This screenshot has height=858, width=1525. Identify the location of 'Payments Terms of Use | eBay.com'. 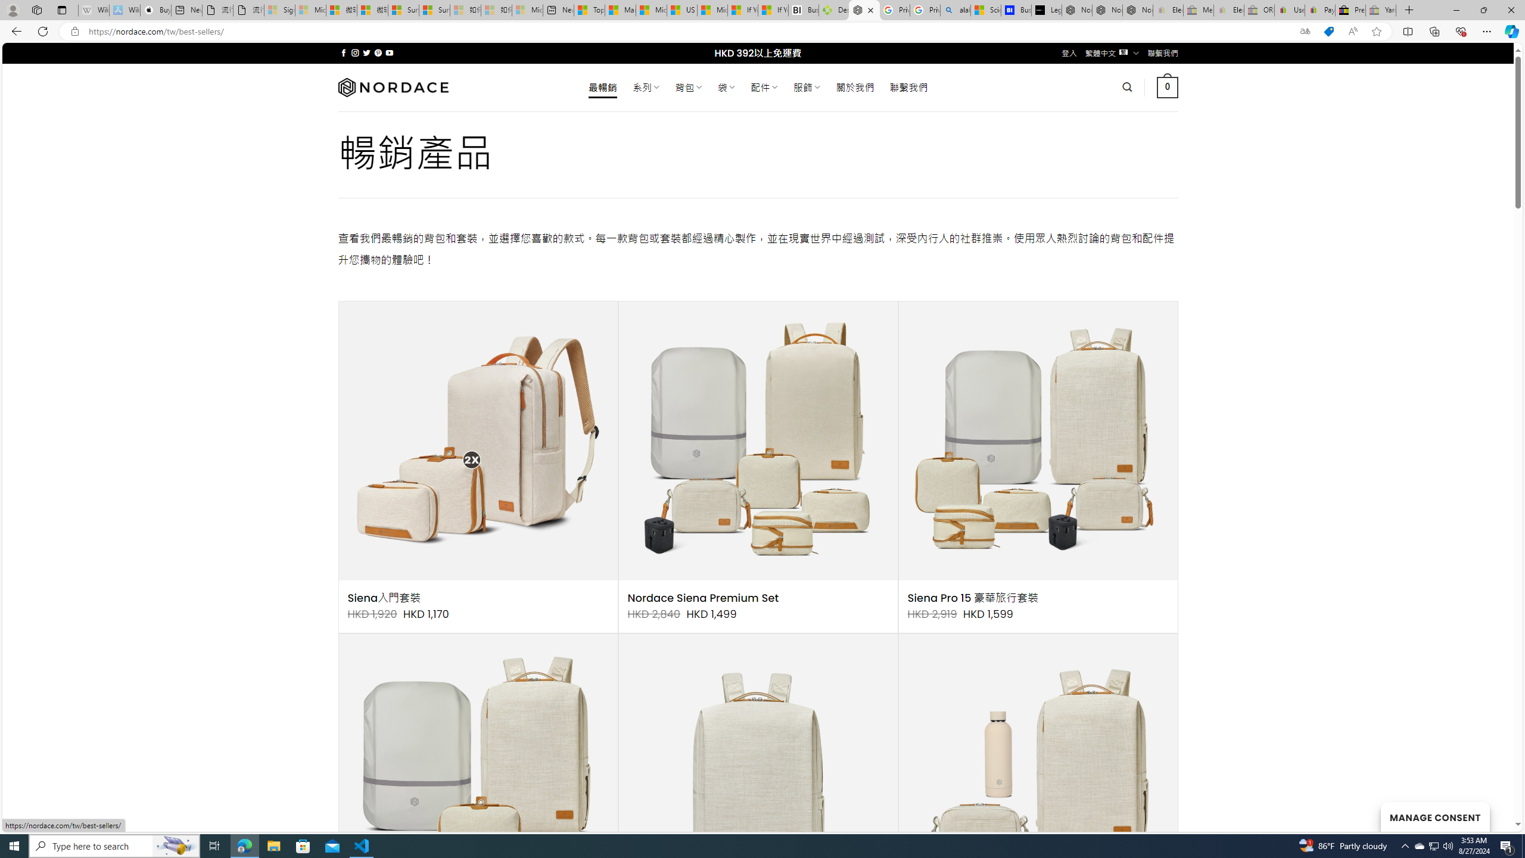
(1319, 10).